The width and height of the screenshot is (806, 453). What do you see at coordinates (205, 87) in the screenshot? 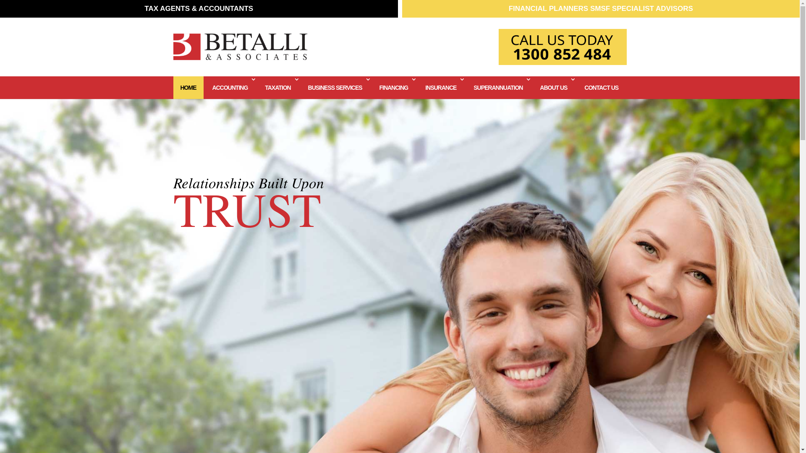
I see `'ACCOUNTING'` at bounding box center [205, 87].